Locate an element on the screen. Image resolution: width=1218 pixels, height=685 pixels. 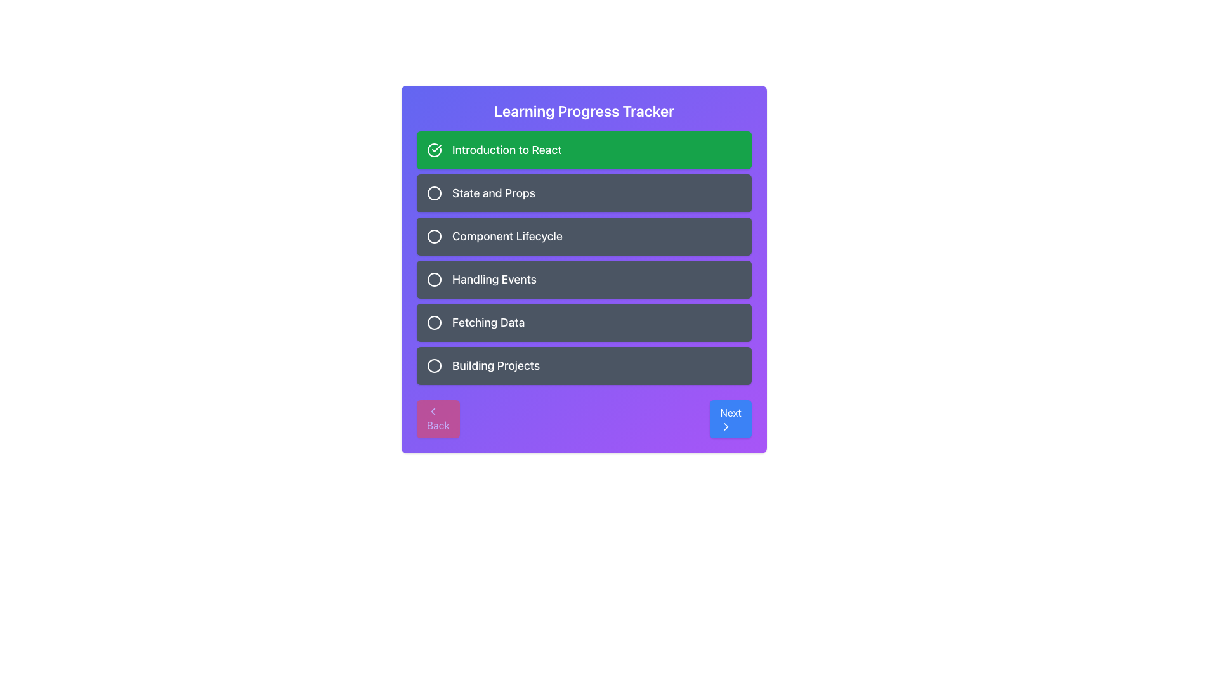
the text label reading 'Fetching Data' for reading by moving the cursor to its center point is located at coordinates (488, 322).